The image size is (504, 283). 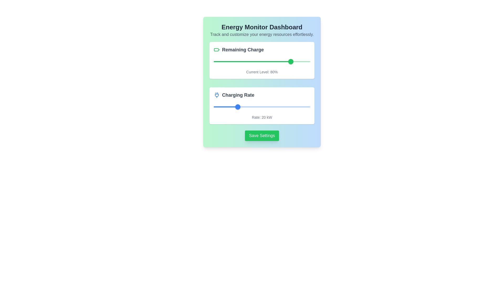 I want to click on the text element stating 'Track and customize your energy resources effortlessly.' which is located below the title 'Energy Monitor Dashboard' in the dashboard panel, so click(x=262, y=34).